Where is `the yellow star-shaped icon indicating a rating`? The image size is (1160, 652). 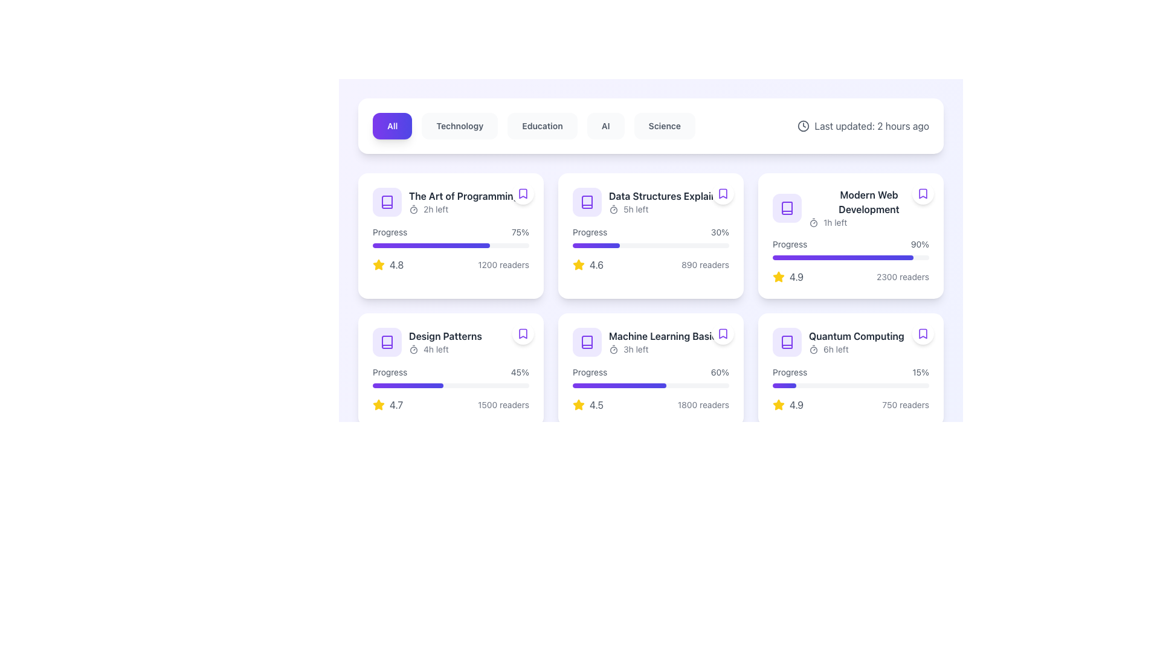 the yellow star-shaped icon indicating a rating is located at coordinates (578, 264).